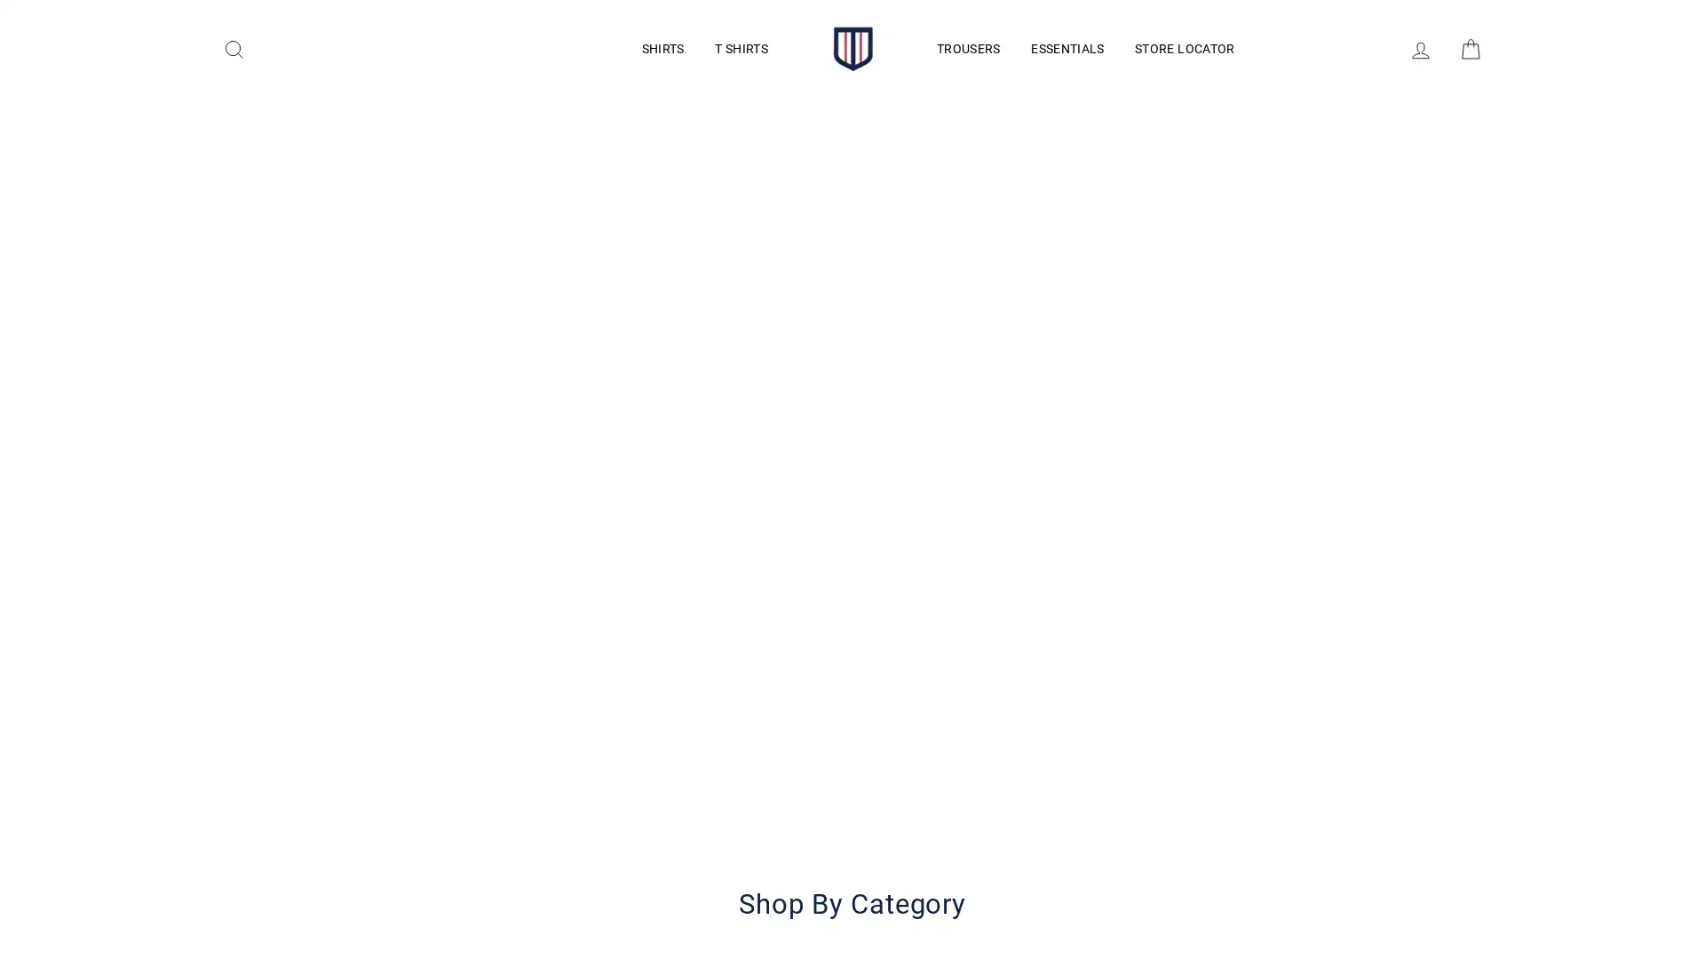  Describe the element at coordinates (710, 859) in the screenshot. I see `1` at that location.